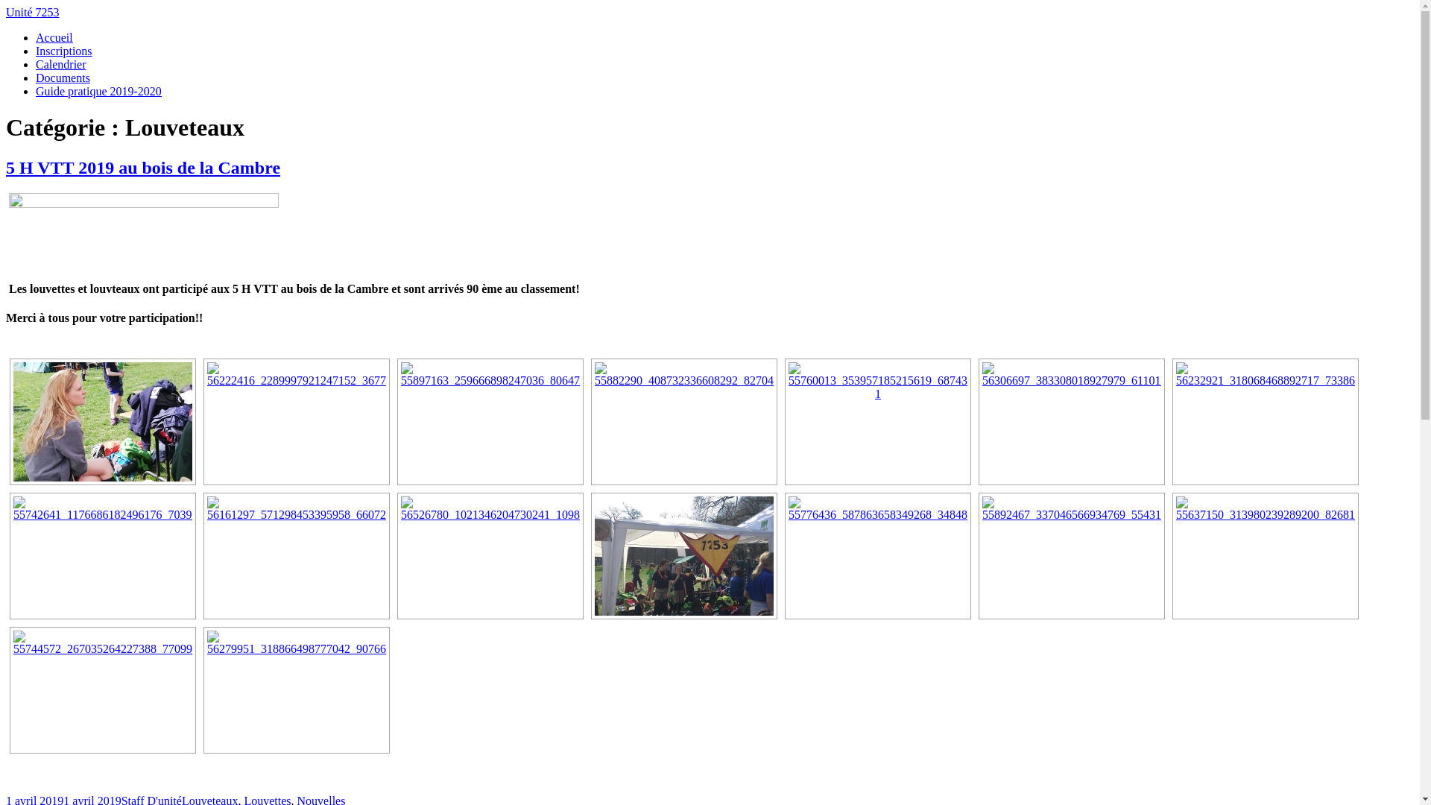 The width and height of the screenshot is (1431, 805). What do you see at coordinates (54, 37) in the screenshot?
I see `'Accueil'` at bounding box center [54, 37].